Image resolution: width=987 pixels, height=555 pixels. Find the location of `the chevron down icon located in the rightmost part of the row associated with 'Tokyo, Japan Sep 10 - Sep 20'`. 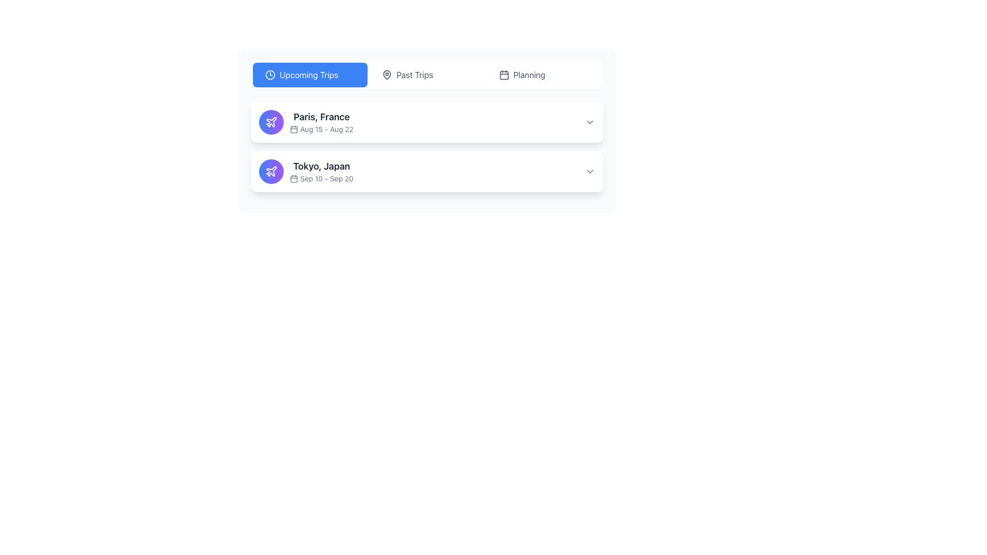

the chevron down icon located in the rightmost part of the row associated with 'Tokyo, Japan Sep 10 - Sep 20' is located at coordinates (590, 171).